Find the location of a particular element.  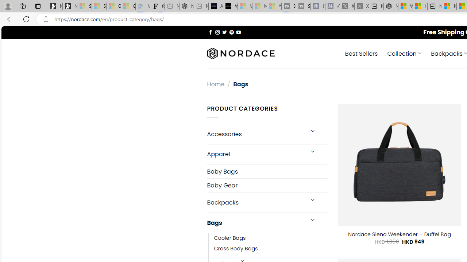

'Accessories' is located at coordinates (255, 134).